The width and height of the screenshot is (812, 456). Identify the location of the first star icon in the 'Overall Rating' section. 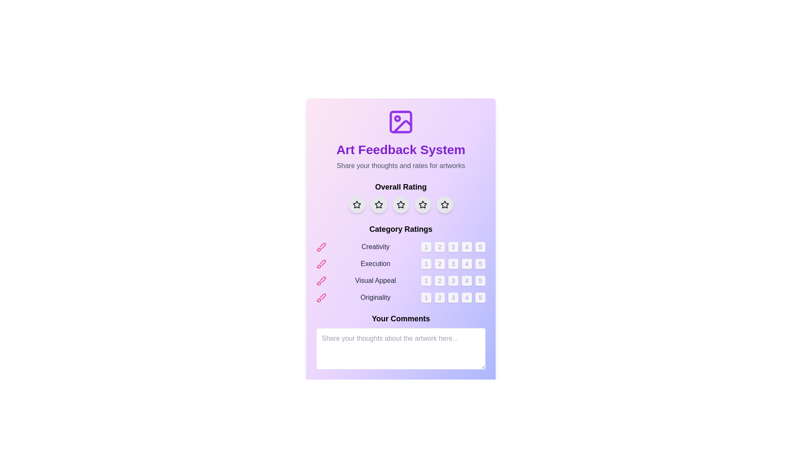
(357, 204).